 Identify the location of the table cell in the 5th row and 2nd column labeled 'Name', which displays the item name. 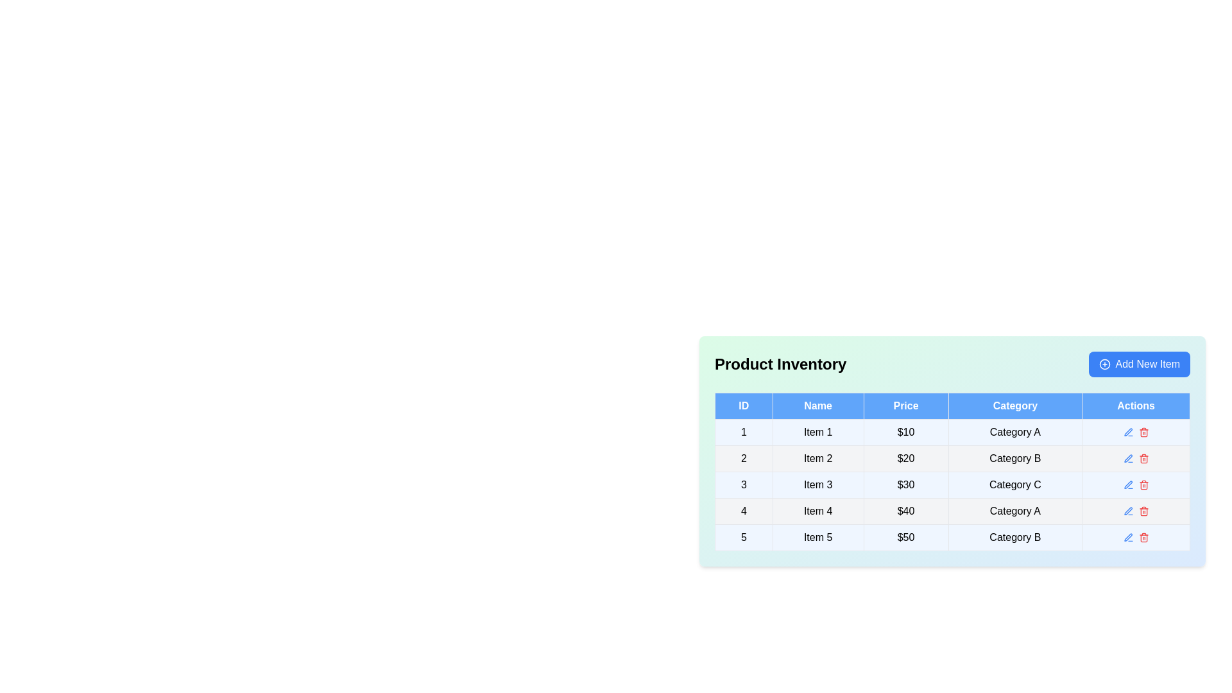
(817, 537).